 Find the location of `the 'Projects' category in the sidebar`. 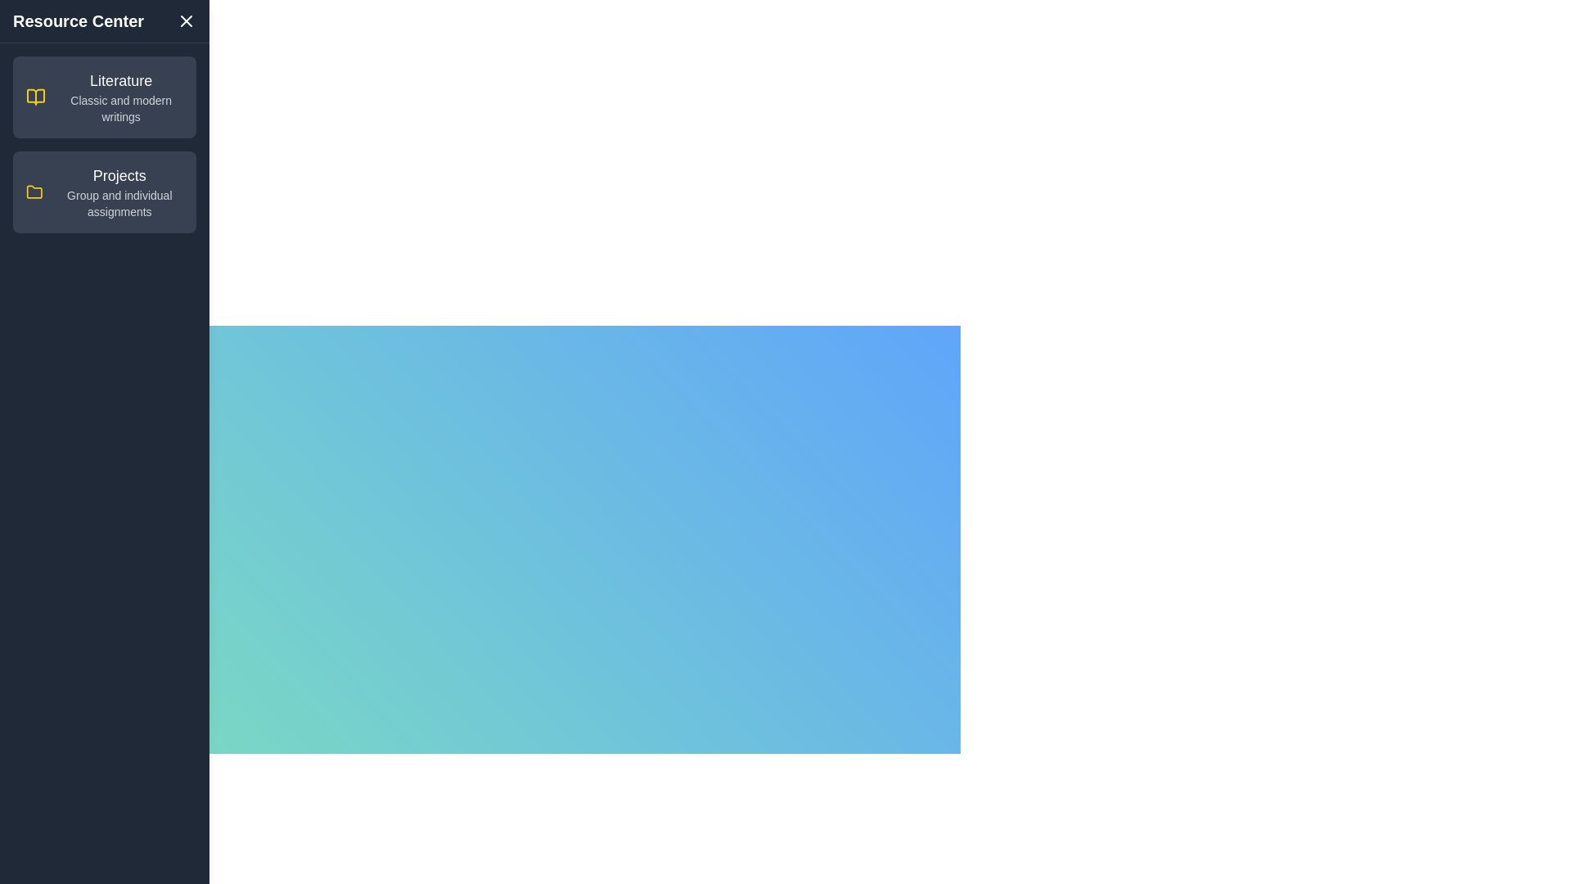

the 'Projects' category in the sidebar is located at coordinates (104, 192).